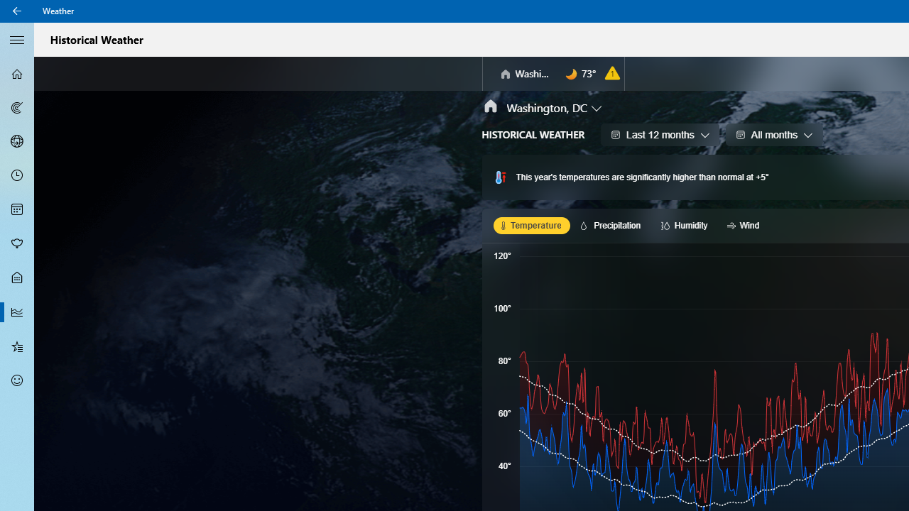 The image size is (909, 511). I want to click on 'Maps - Not Selected', so click(17, 106).